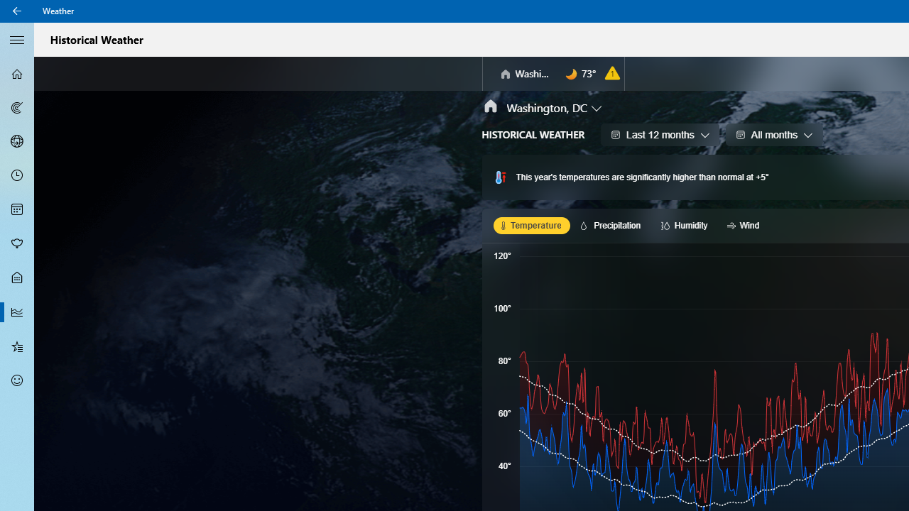 The image size is (909, 511). I want to click on 'Maps - Not Selected', so click(17, 106).